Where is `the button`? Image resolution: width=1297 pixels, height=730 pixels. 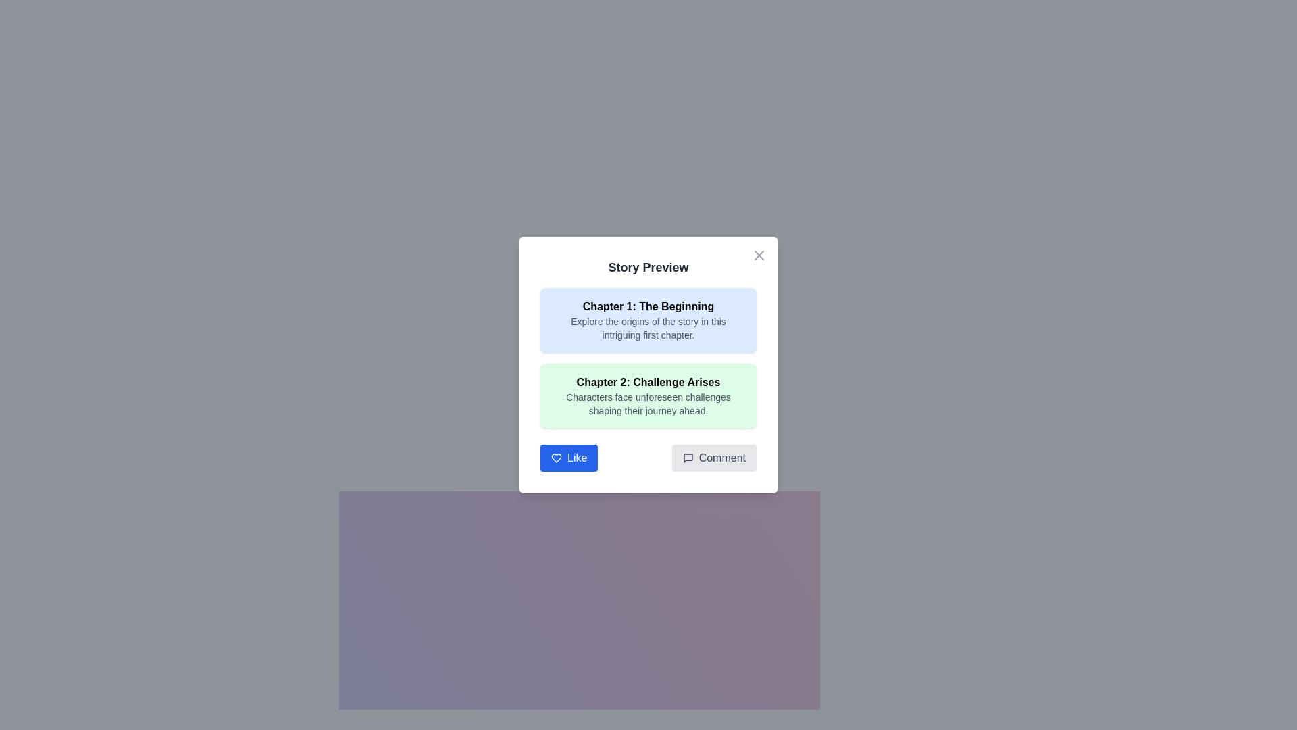 the button is located at coordinates (713, 458).